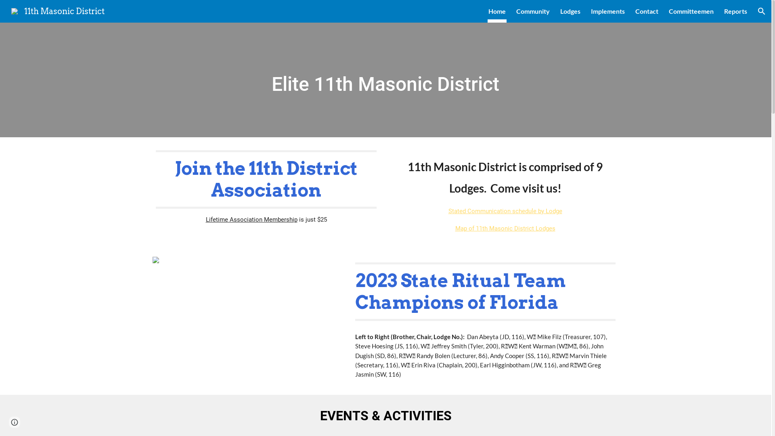 This screenshot has height=436, width=775. Describe the element at coordinates (251, 219) in the screenshot. I see `'Lifetime Association Membership'` at that location.